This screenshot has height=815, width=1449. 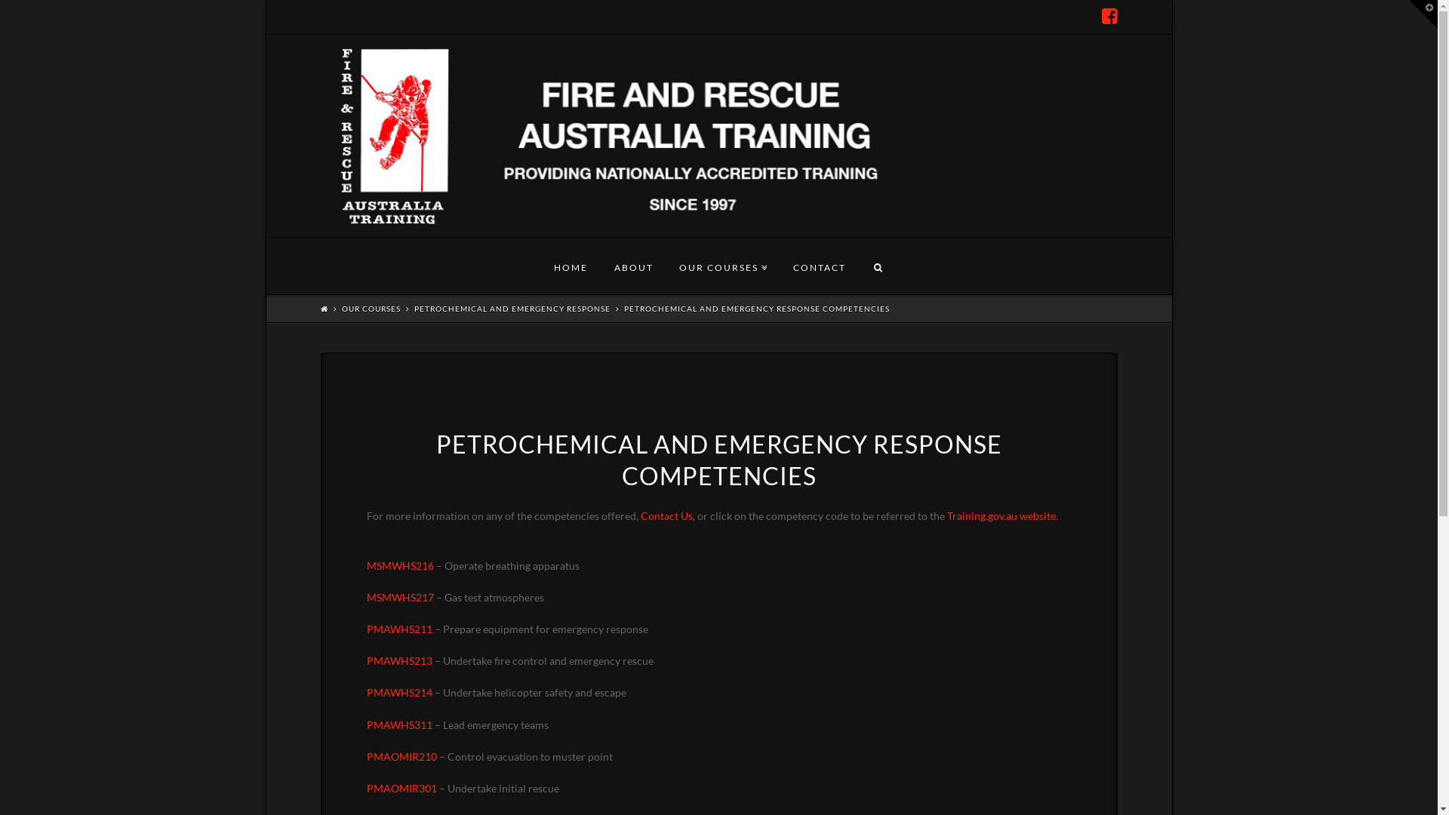 What do you see at coordinates (399, 629) in the screenshot?
I see `'PMAWHS211'` at bounding box center [399, 629].